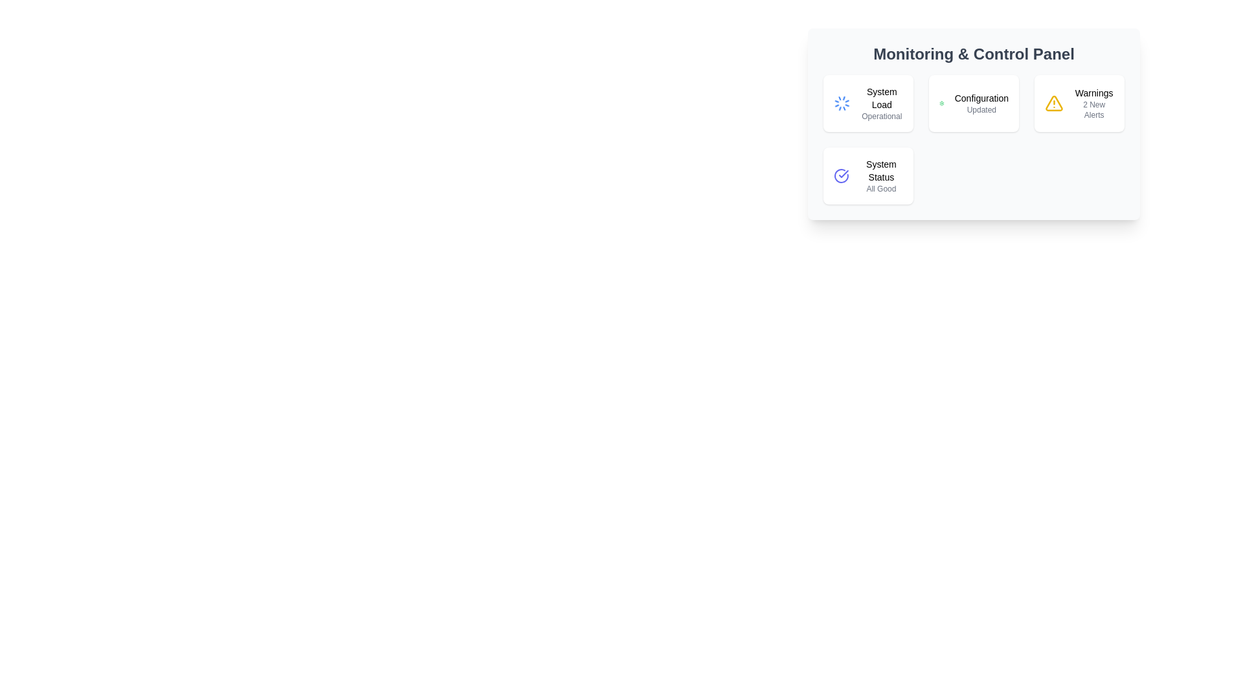 This screenshot has width=1243, height=699. What do you see at coordinates (881, 97) in the screenshot?
I see `the 'System Load' label in the top-left card of the 'Monitoring & Control Panel' section` at bounding box center [881, 97].